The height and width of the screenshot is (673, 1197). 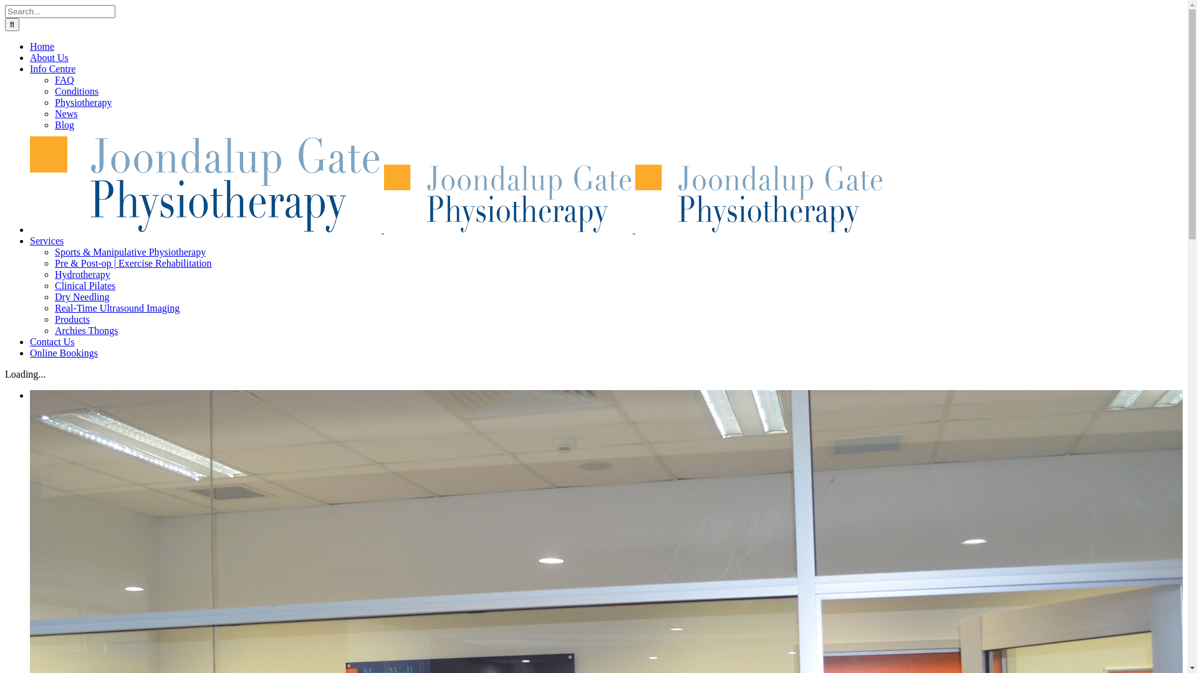 What do you see at coordinates (54, 308) in the screenshot?
I see `'Real-Time Ultrasound Imaging'` at bounding box center [54, 308].